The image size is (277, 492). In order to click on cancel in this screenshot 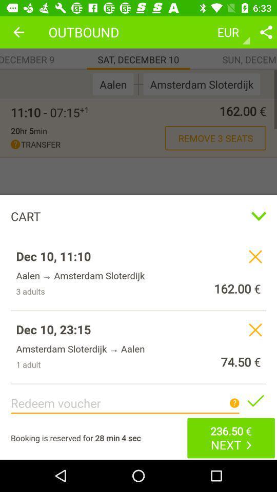, I will do `click(254, 329)`.